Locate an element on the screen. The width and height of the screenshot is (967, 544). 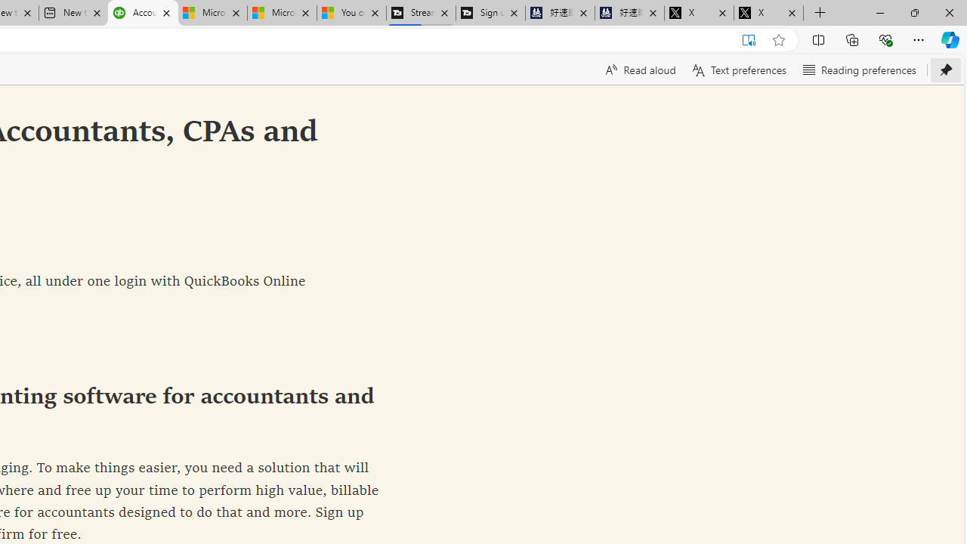
'Microsoft Start Sports' is located at coordinates (211, 13).